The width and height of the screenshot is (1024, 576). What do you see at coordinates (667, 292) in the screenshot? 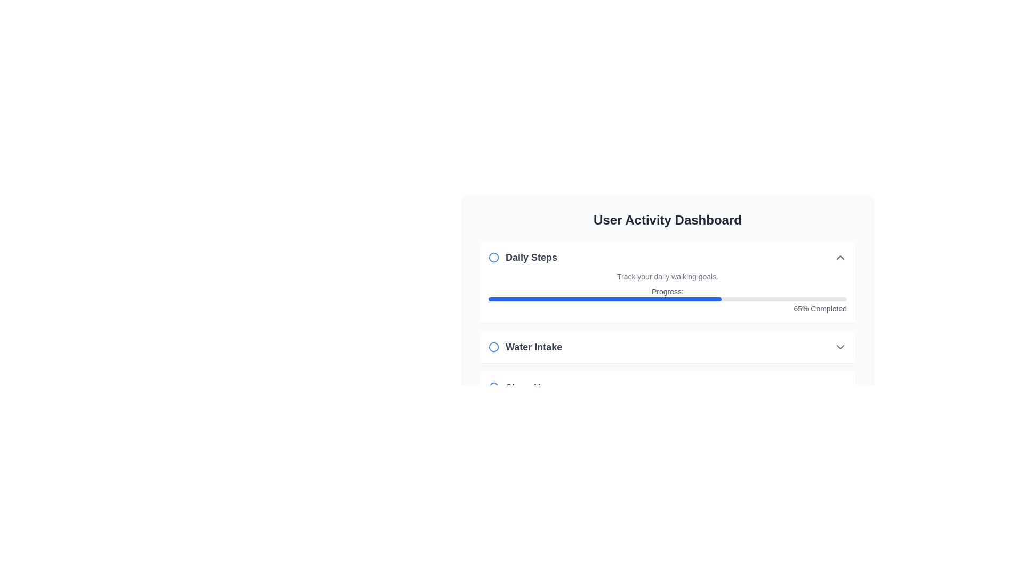
I see `the progress bar in the 'Daily Steps' section of the 'User Activity Dashboard' to interact with it` at bounding box center [667, 292].